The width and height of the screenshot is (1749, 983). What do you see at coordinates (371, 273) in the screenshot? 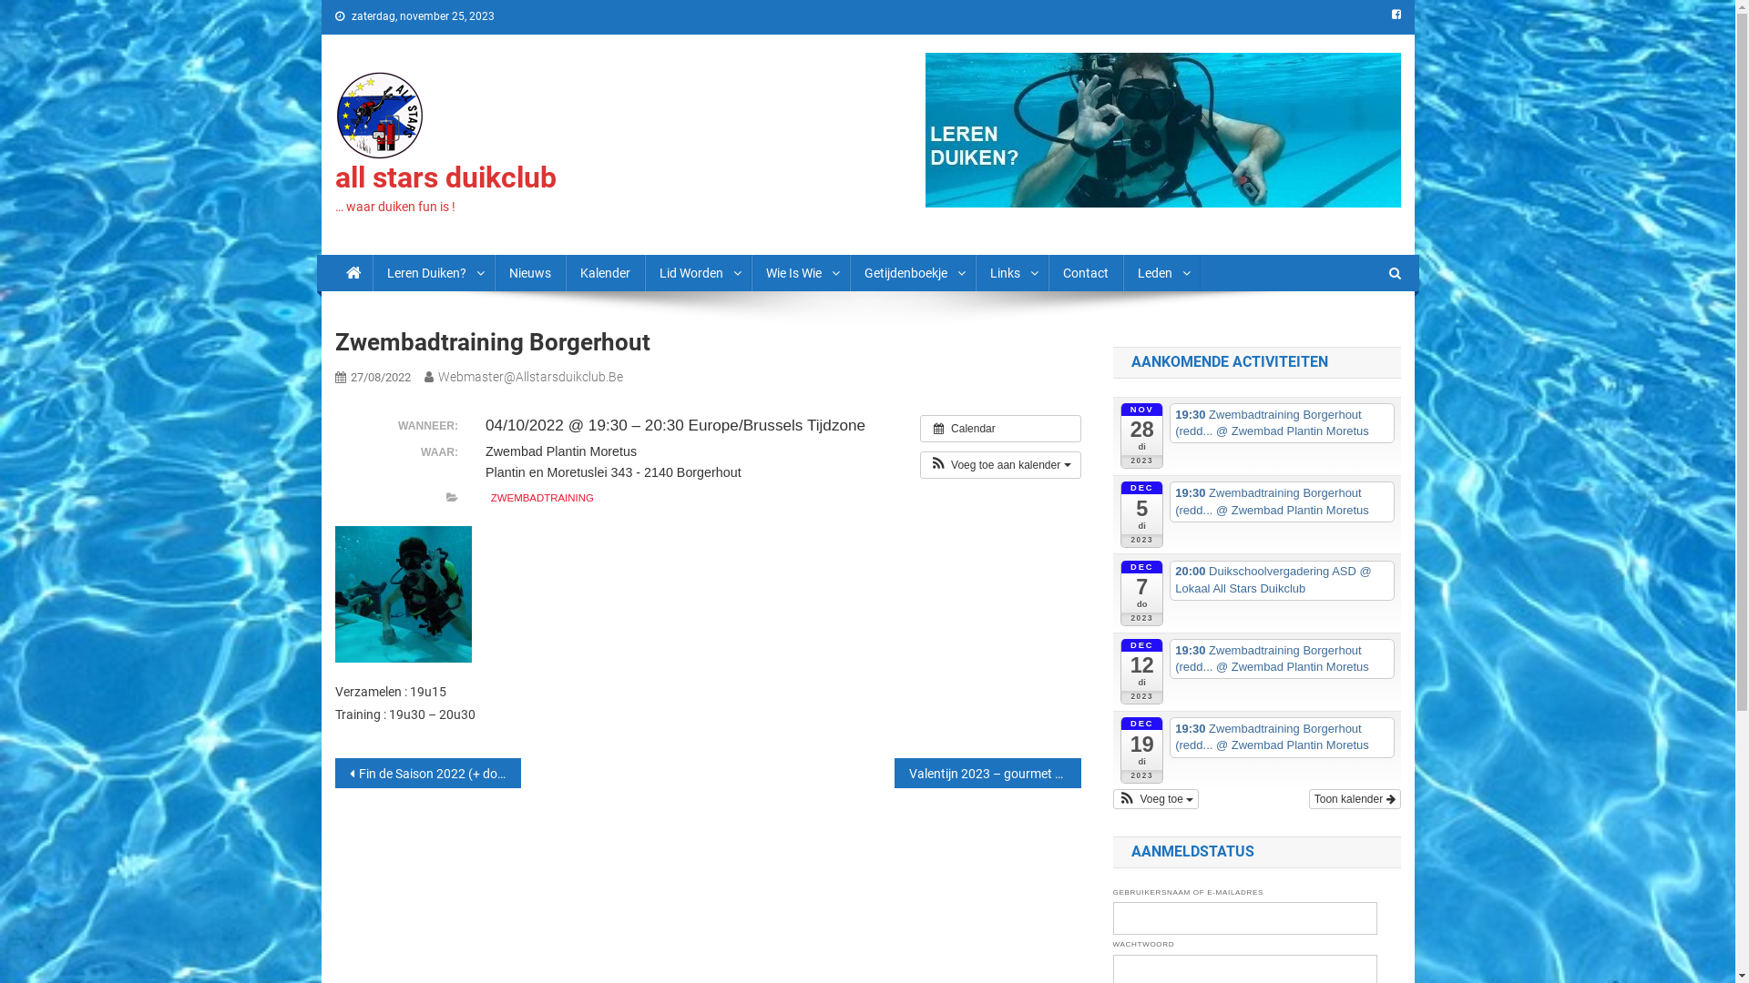
I see `'Leren Duiken?'` at bounding box center [371, 273].